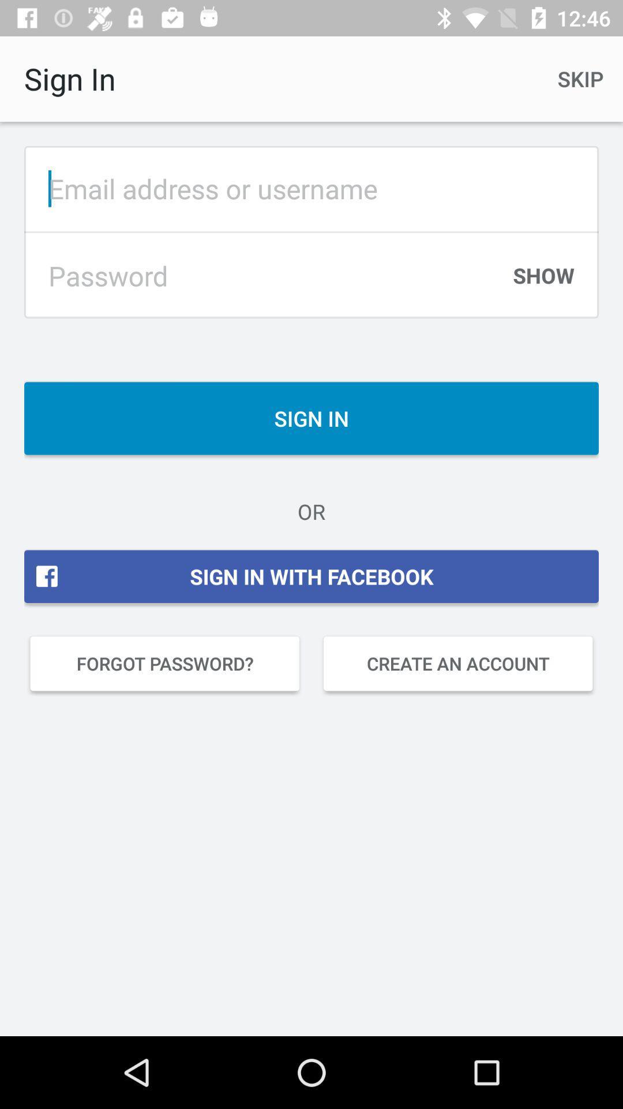 This screenshot has width=623, height=1109. I want to click on icon next to the create an account, so click(164, 663).